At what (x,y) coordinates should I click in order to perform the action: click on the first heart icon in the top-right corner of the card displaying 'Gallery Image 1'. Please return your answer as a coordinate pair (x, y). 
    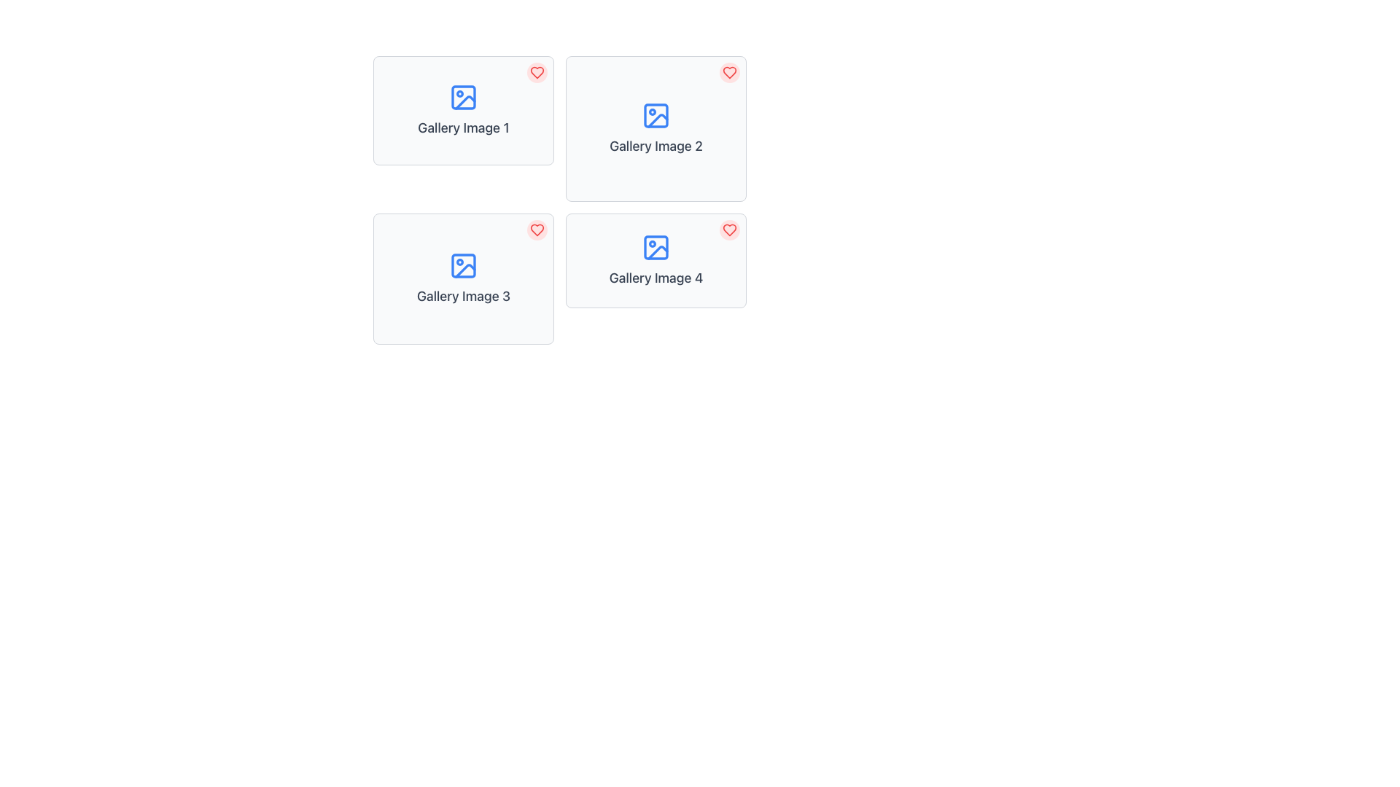
    Looking at the image, I should click on (537, 73).